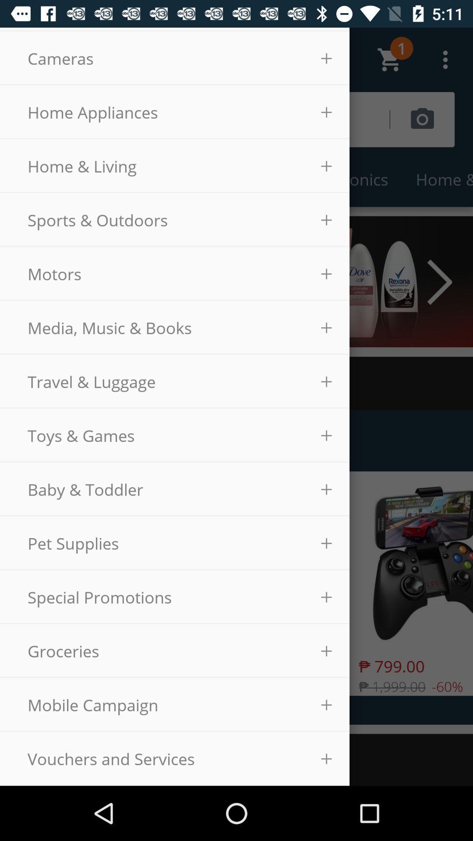  Describe the element at coordinates (326, 220) in the screenshot. I see `the plus symbol right to sports  outdoors` at that location.